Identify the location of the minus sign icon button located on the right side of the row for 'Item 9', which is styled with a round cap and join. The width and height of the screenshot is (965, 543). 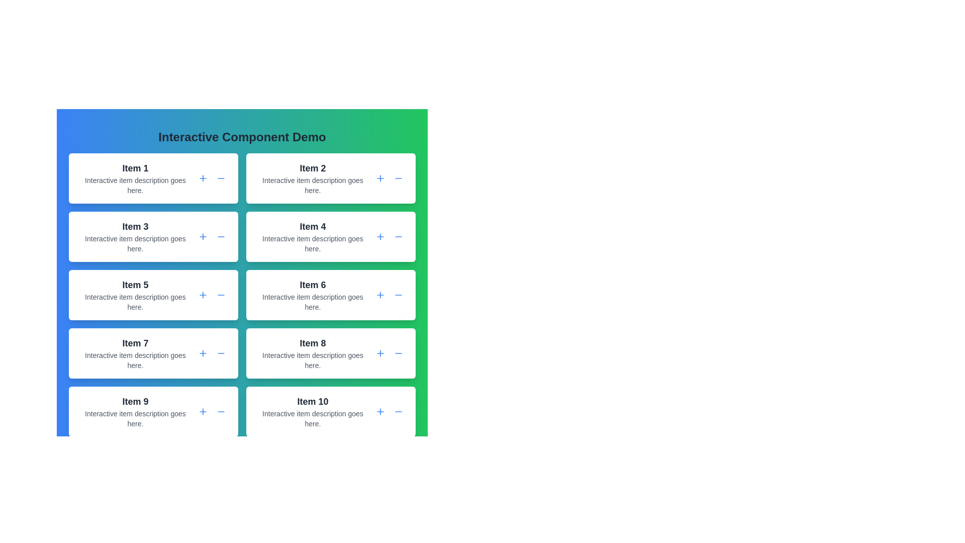
(221, 411).